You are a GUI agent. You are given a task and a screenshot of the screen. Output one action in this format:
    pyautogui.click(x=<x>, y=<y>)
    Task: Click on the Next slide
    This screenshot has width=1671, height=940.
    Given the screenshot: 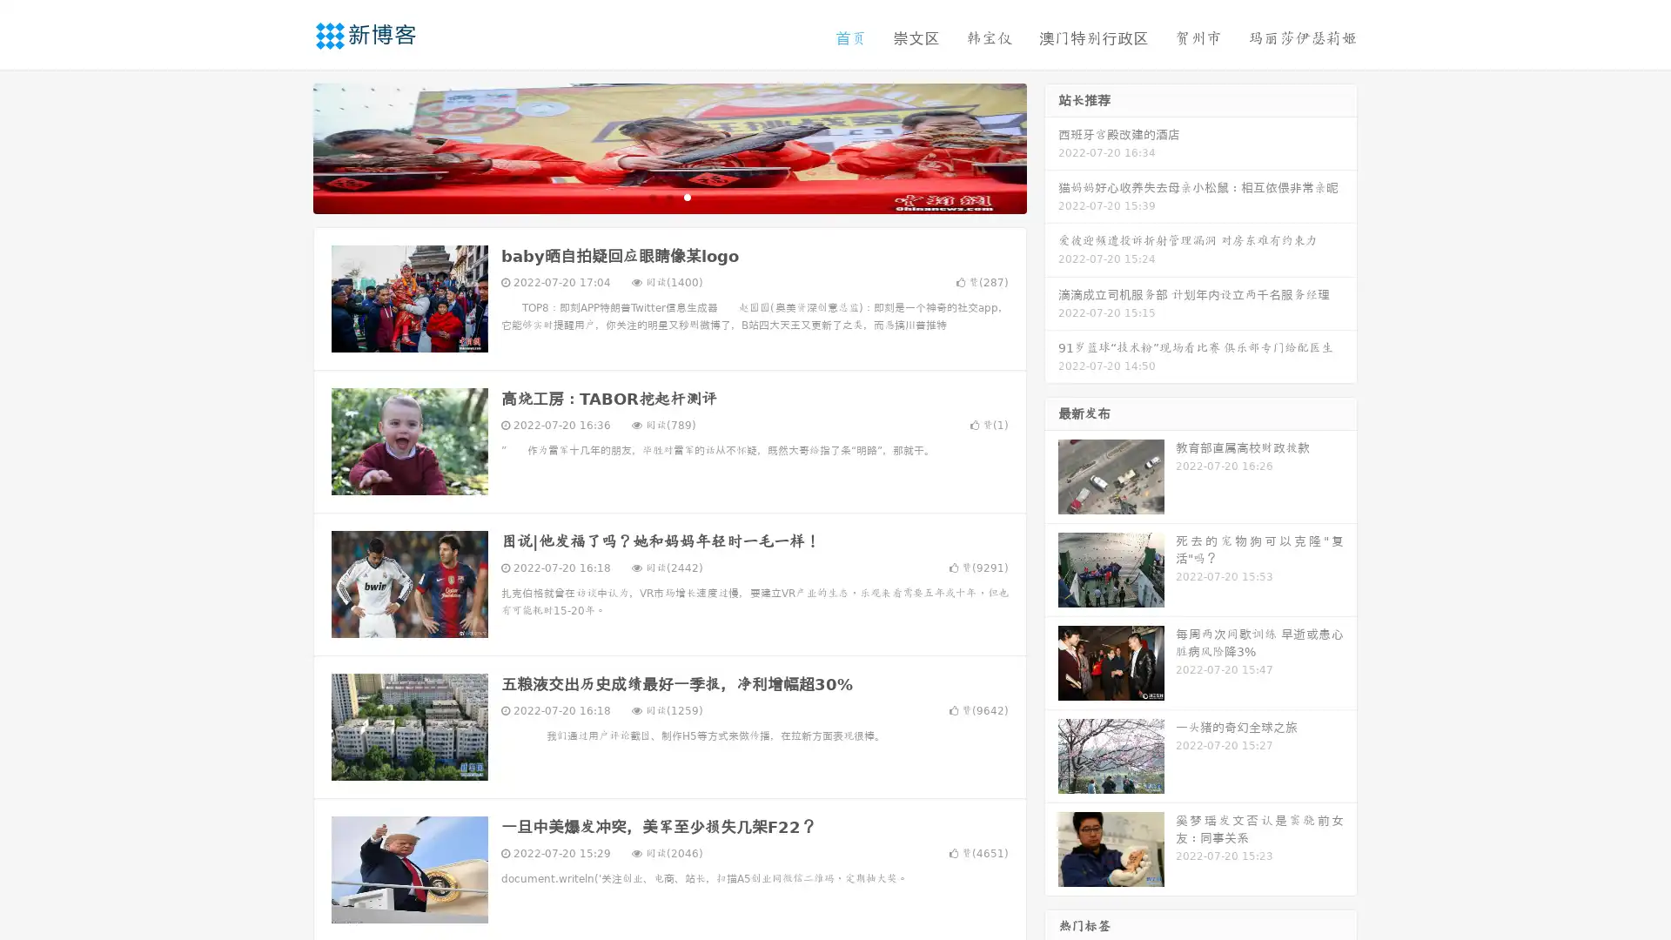 What is the action you would take?
    pyautogui.click(x=1051, y=146)
    